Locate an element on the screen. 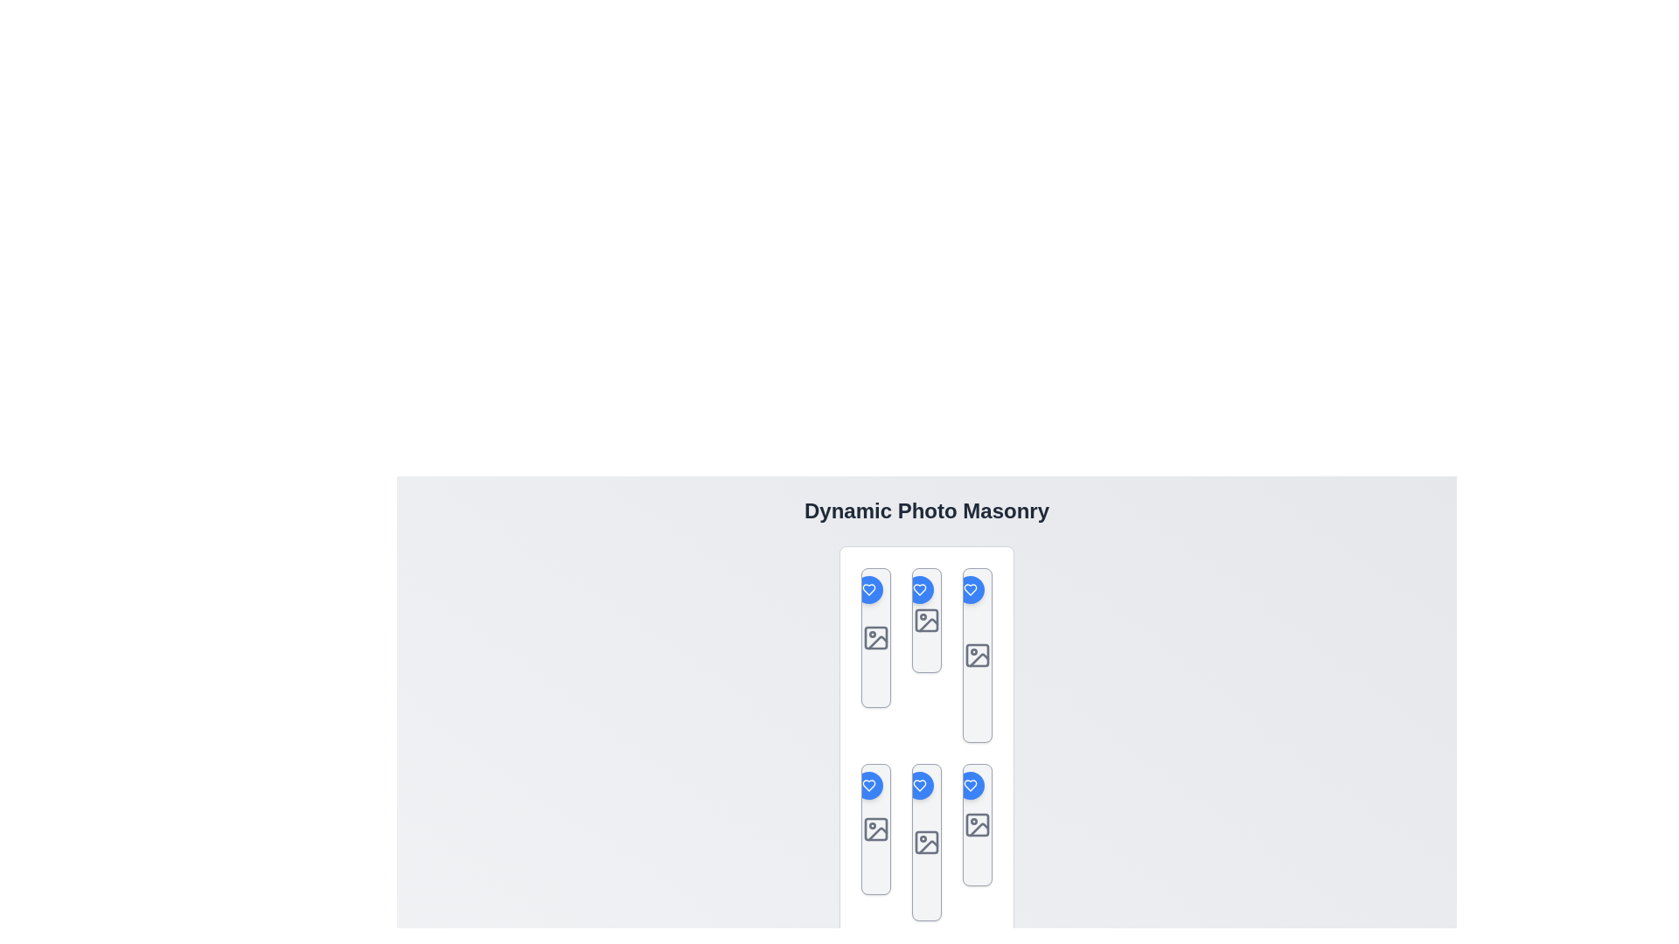  the third icon in the bottom row of the grid layout for interaction is located at coordinates (927, 845).